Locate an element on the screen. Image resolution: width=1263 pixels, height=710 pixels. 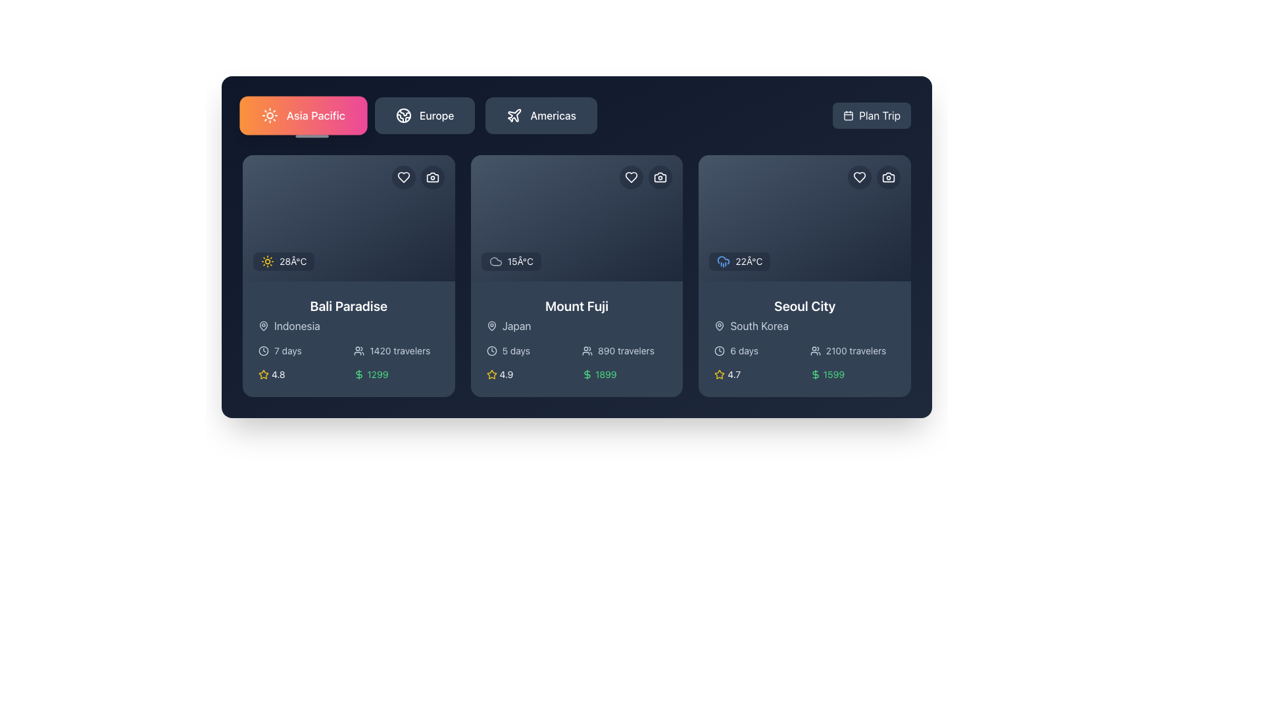
the weather condition label with an icon located in the bottom-left corner of the 'Seoul City' card, which is the third card in the row of travel destinations is located at coordinates (739, 261).